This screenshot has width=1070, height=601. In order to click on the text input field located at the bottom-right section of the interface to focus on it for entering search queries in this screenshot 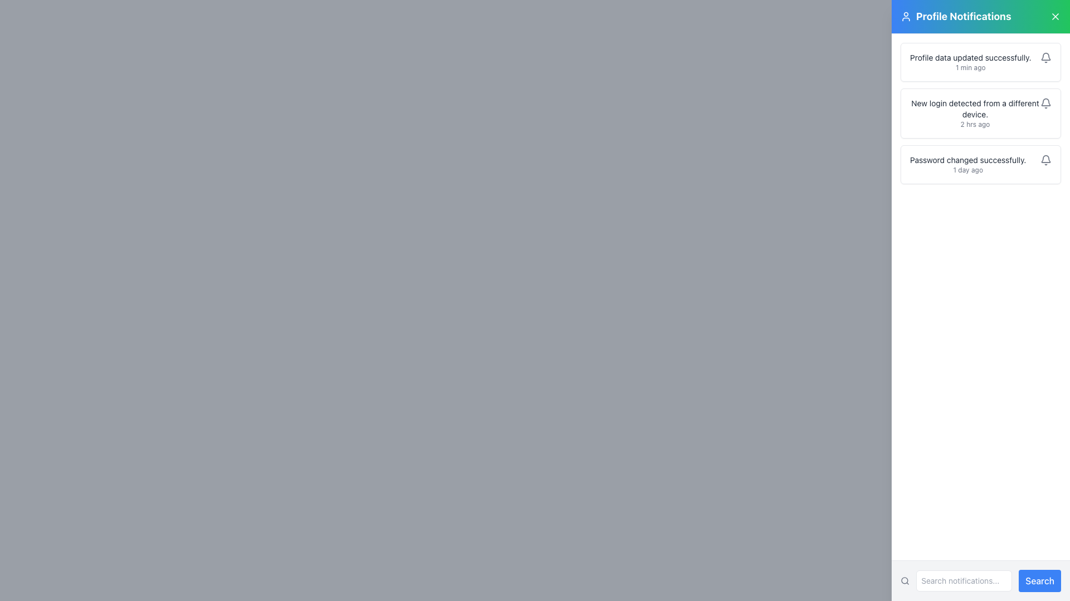, I will do `click(964, 580)`.